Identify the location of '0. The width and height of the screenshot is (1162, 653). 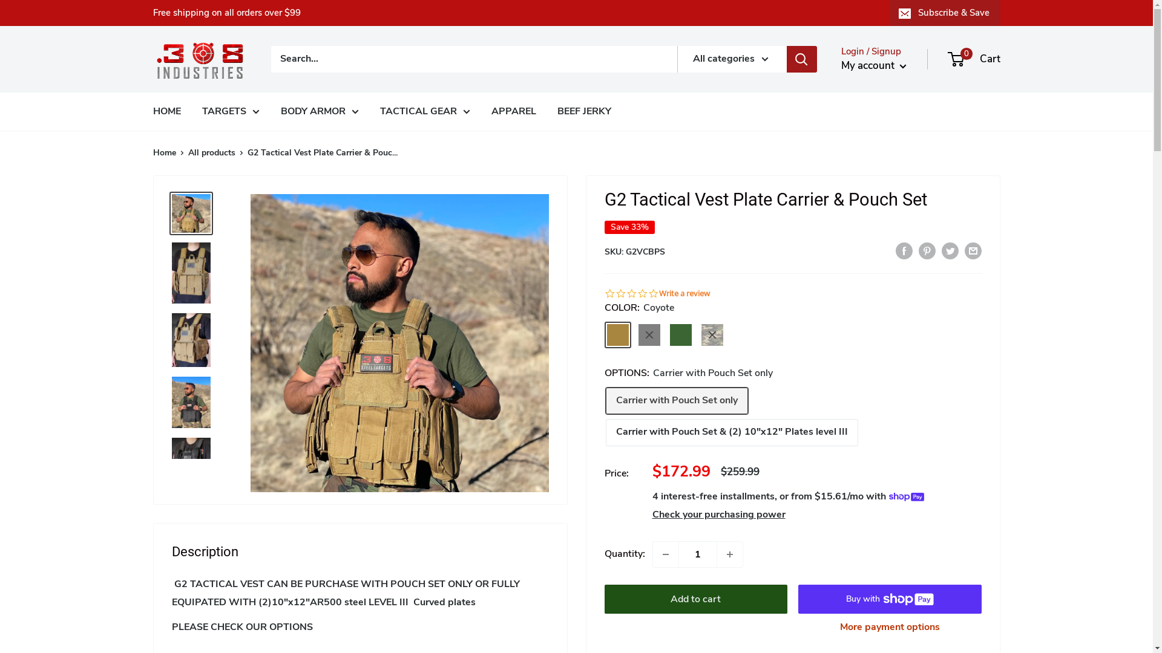
(974, 59).